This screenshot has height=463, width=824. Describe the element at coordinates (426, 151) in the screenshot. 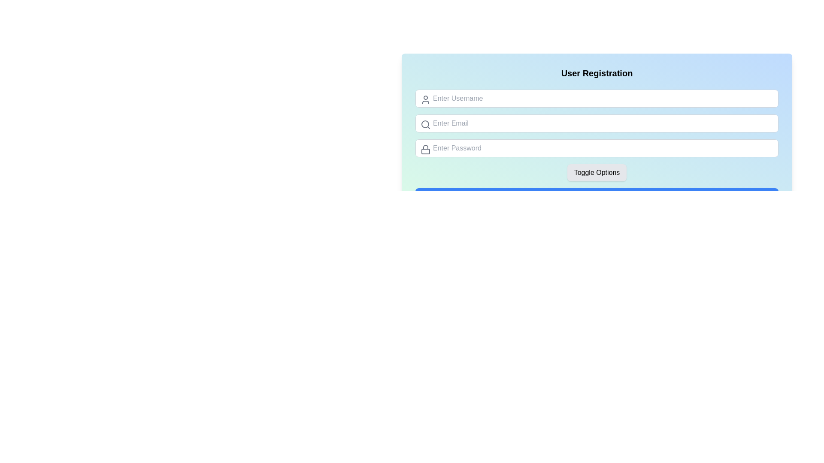

I see `the lower section of the lock icon representing secure entry in the 'User Registration' form, located to the left of the 'Enter Password' input field` at that location.